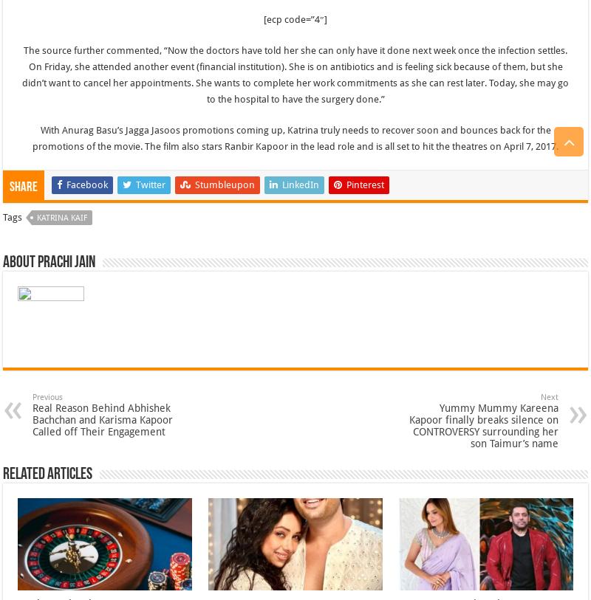  I want to click on 'Real Reason Behind Abhishek Bachchan and Karisma Kapoor Called off Their Engagement', so click(102, 418).